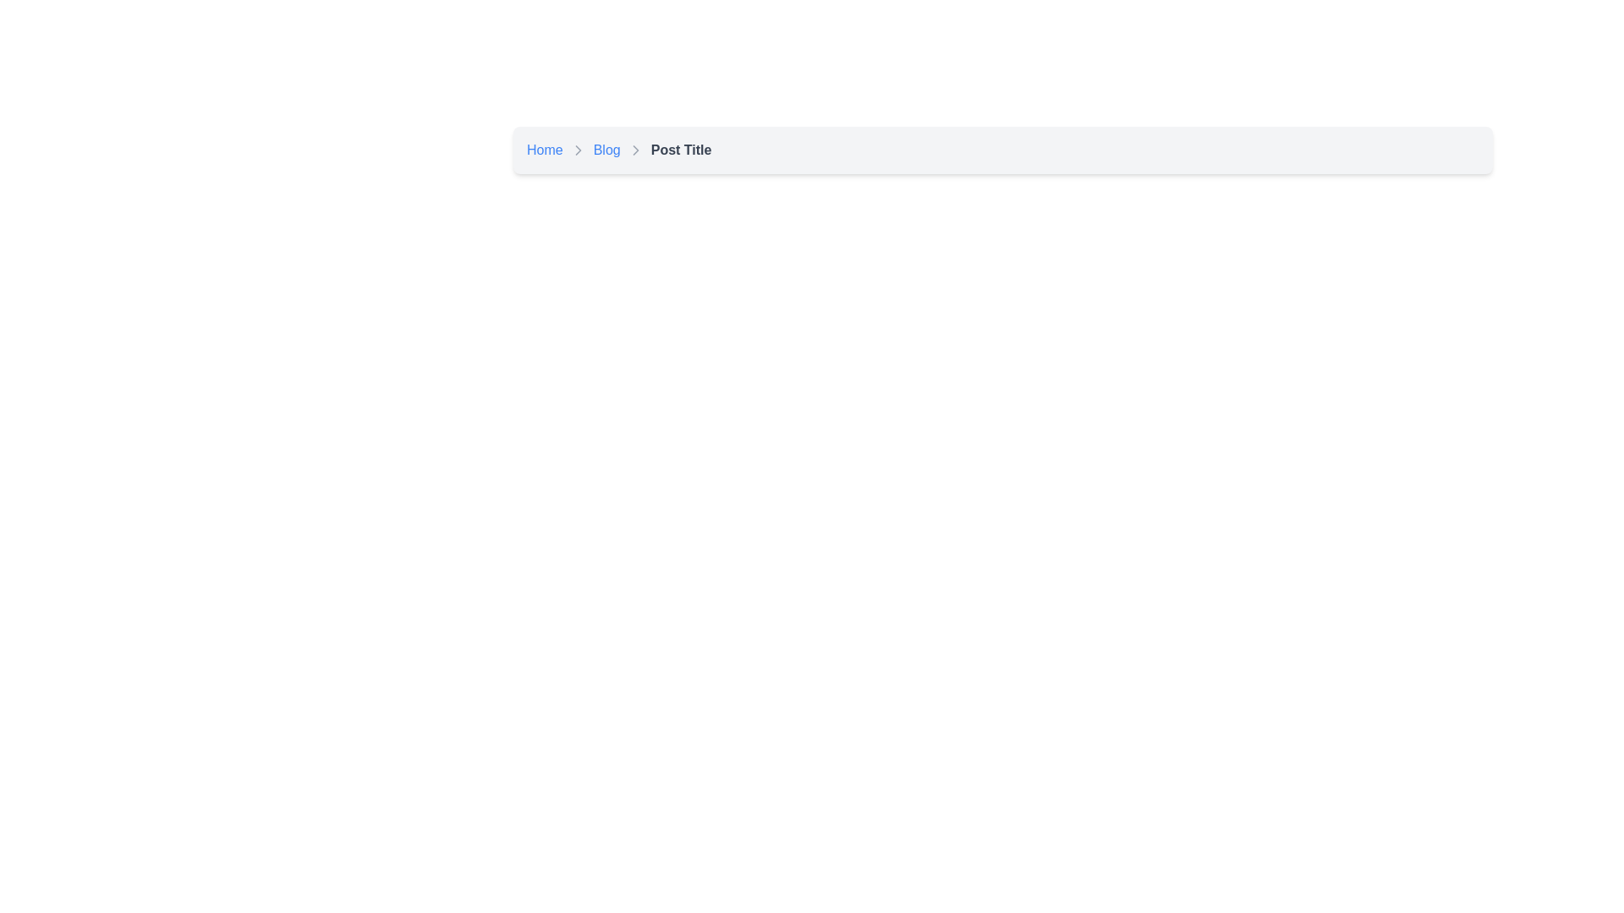 The image size is (1624, 913). I want to click on the 'Blog' hyperlink text link, so click(606, 149).